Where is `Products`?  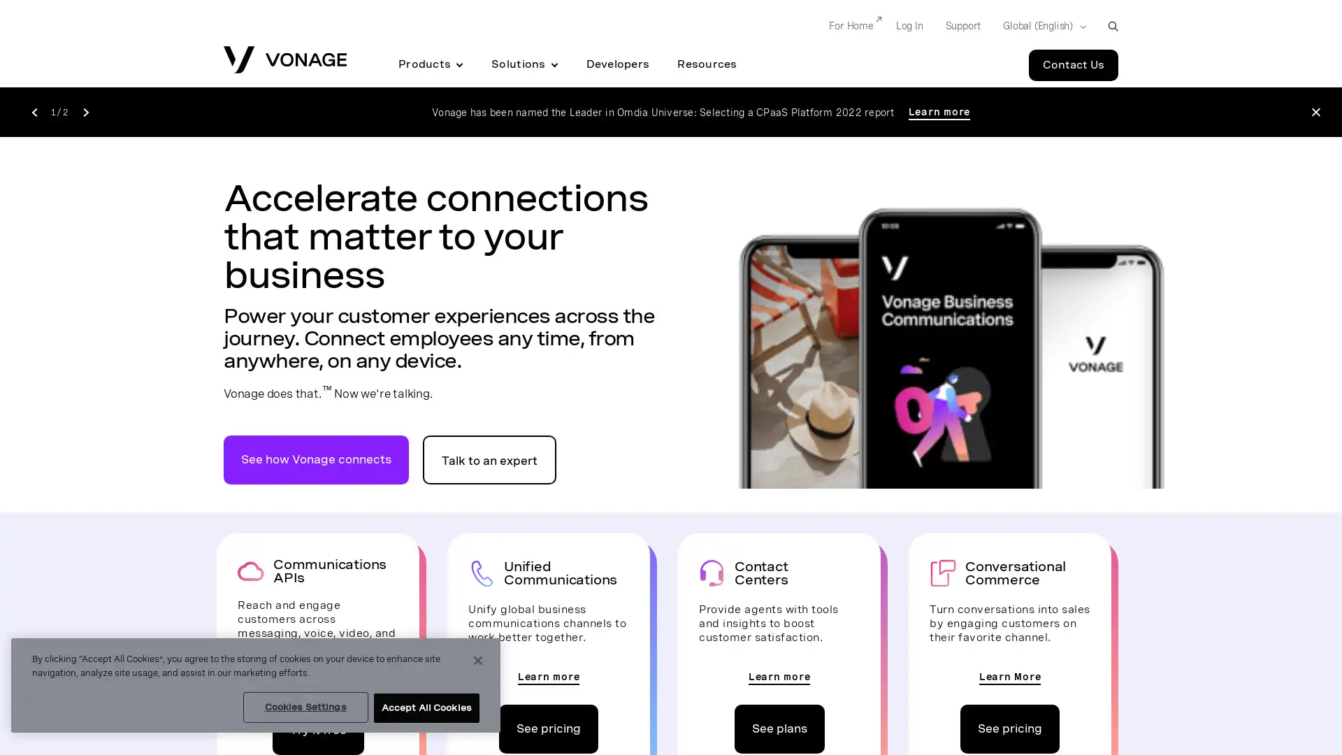 Products is located at coordinates (430, 64).